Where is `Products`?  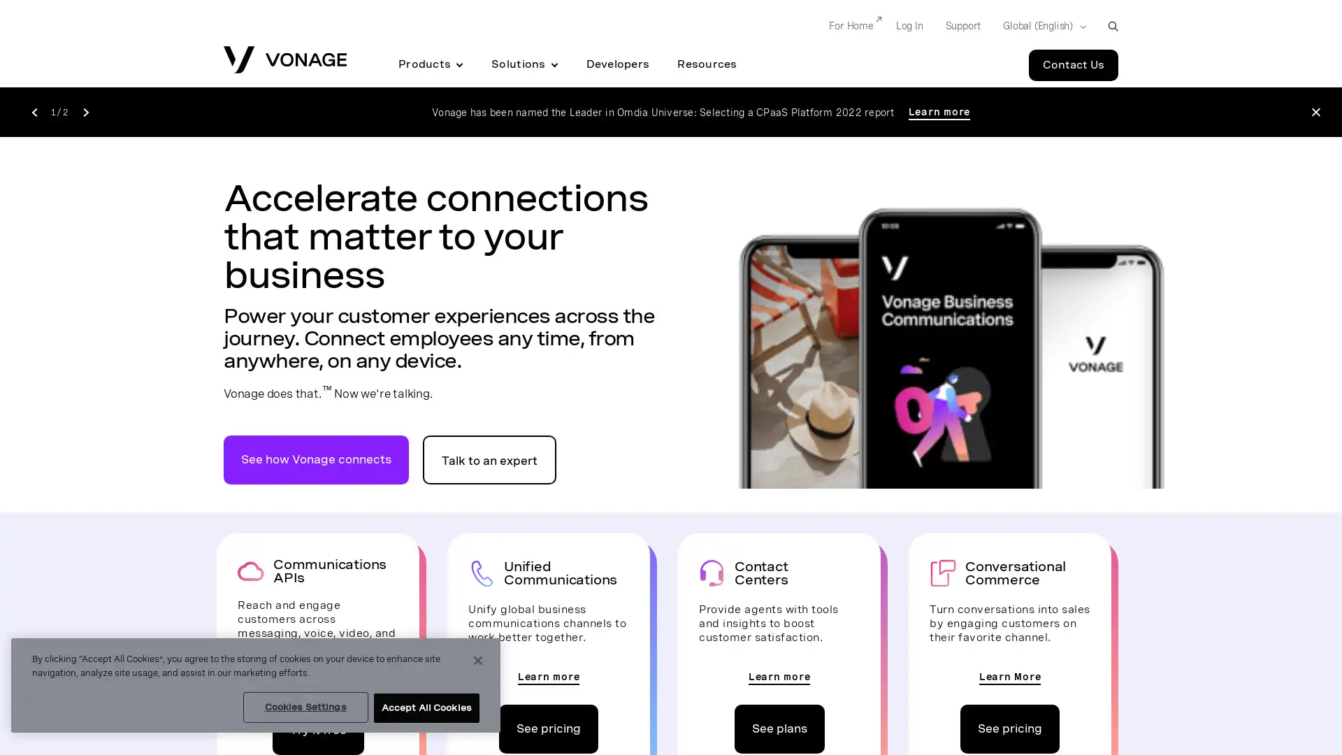 Products is located at coordinates (430, 64).